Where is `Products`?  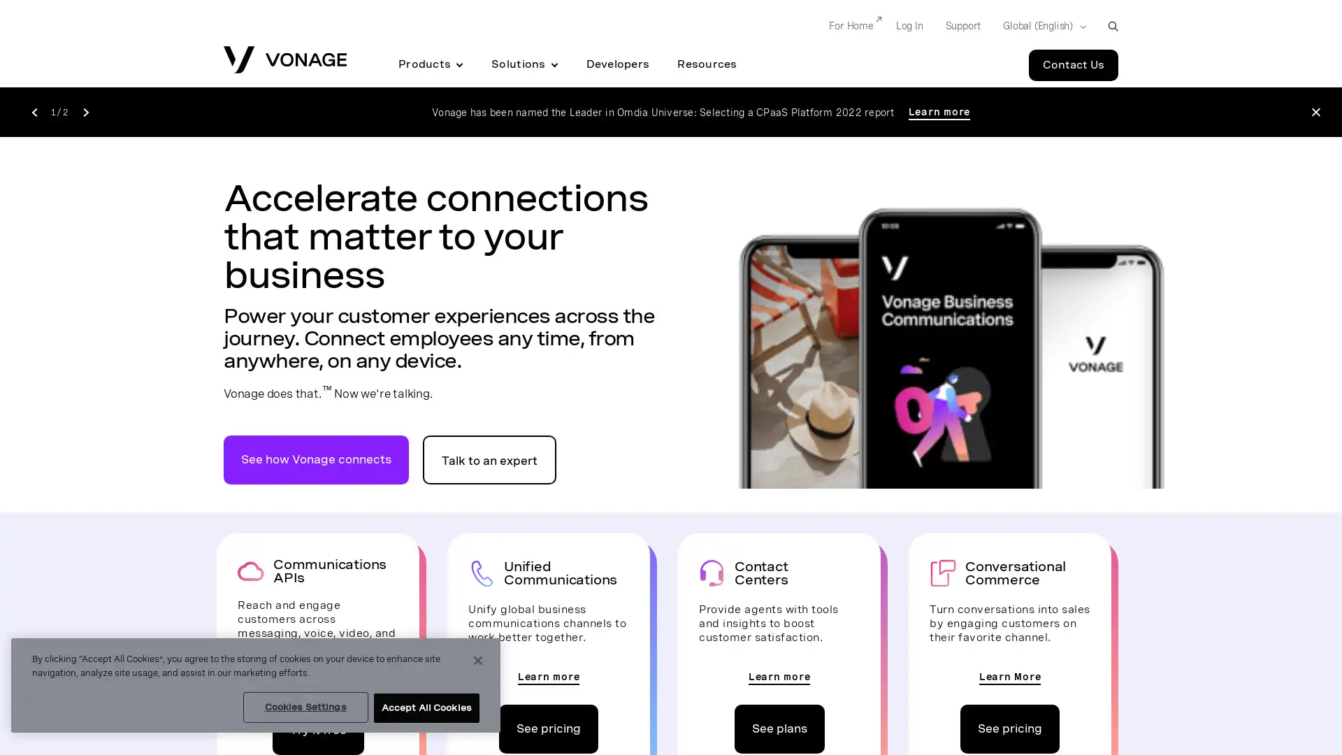 Products is located at coordinates (430, 64).